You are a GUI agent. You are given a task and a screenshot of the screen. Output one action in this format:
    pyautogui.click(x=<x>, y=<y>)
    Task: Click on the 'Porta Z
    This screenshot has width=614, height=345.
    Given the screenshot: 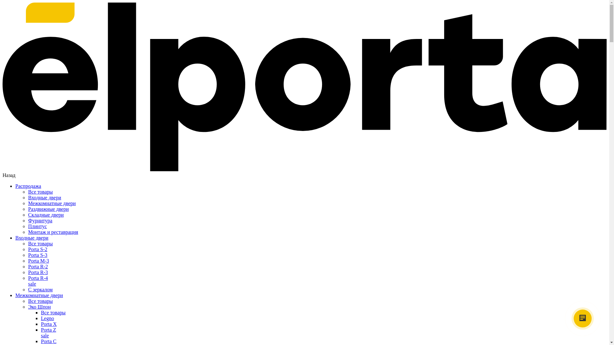 What is the action you would take?
    pyautogui.click(x=324, y=332)
    